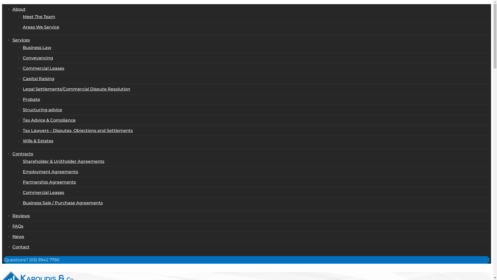  Describe the element at coordinates (49, 182) in the screenshot. I see `'Partnership Agreements'` at that location.